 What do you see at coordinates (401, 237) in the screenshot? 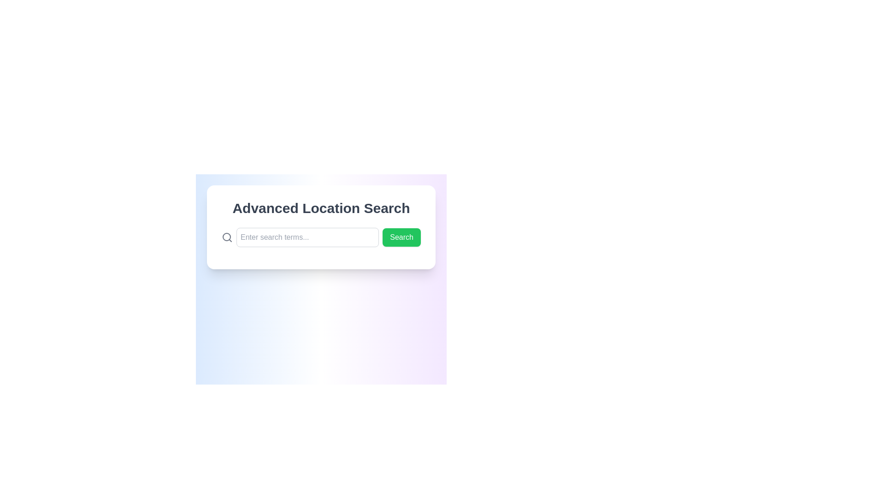
I see `the submission button for initiating a search action, which is located to the right of the 'Enter search terms...' input field and below the title 'Advanced Location Search'` at bounding box center [401, 237].